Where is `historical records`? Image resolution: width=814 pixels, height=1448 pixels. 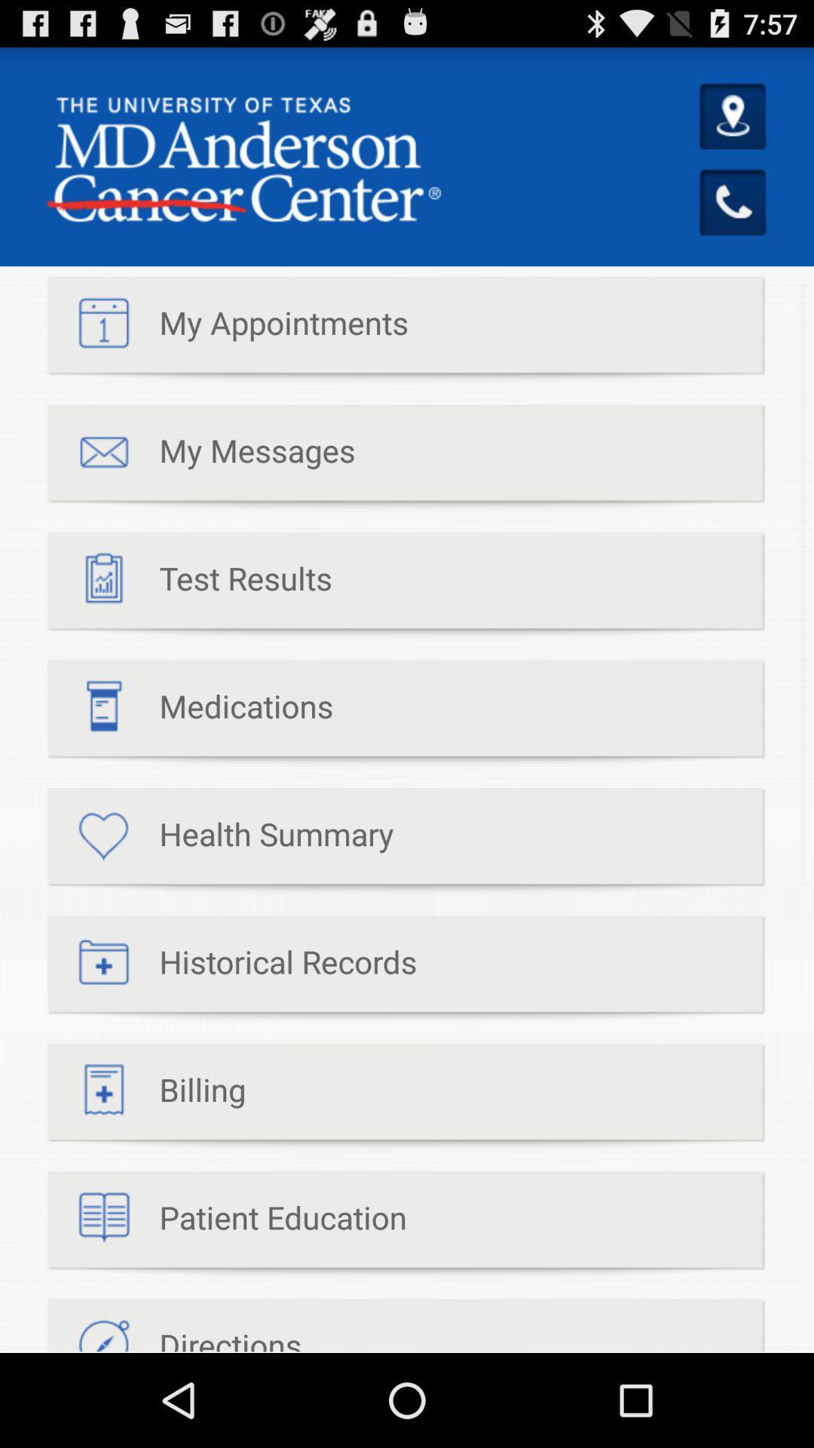
historical records is located at coordinates (232, 969).